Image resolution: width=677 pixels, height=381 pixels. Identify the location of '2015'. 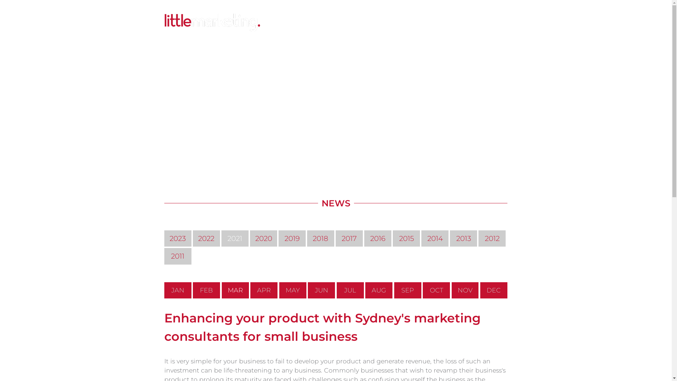
(392, 238).